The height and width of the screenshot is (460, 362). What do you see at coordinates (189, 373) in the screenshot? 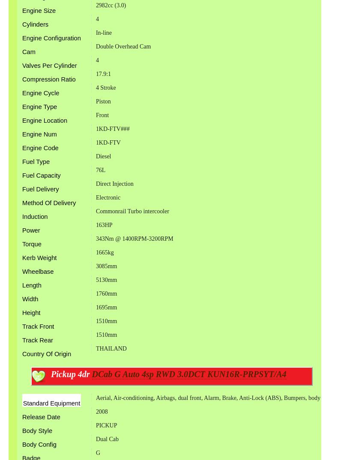
I see `'DCab G Auto 4sp RWD 3.0DCT KUN16R-PRPSYT/A4'` at bounding box center [189, 373].